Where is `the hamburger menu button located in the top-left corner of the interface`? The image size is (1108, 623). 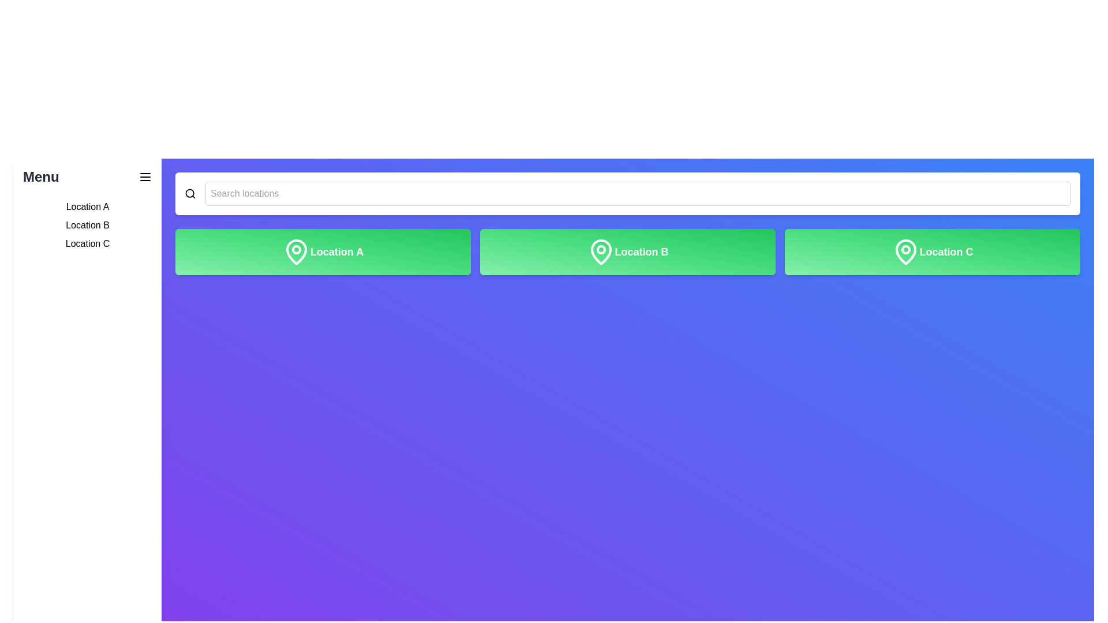 the hamburger menu button located in the top-left corner of the interface is located at coordinates (145, 177).